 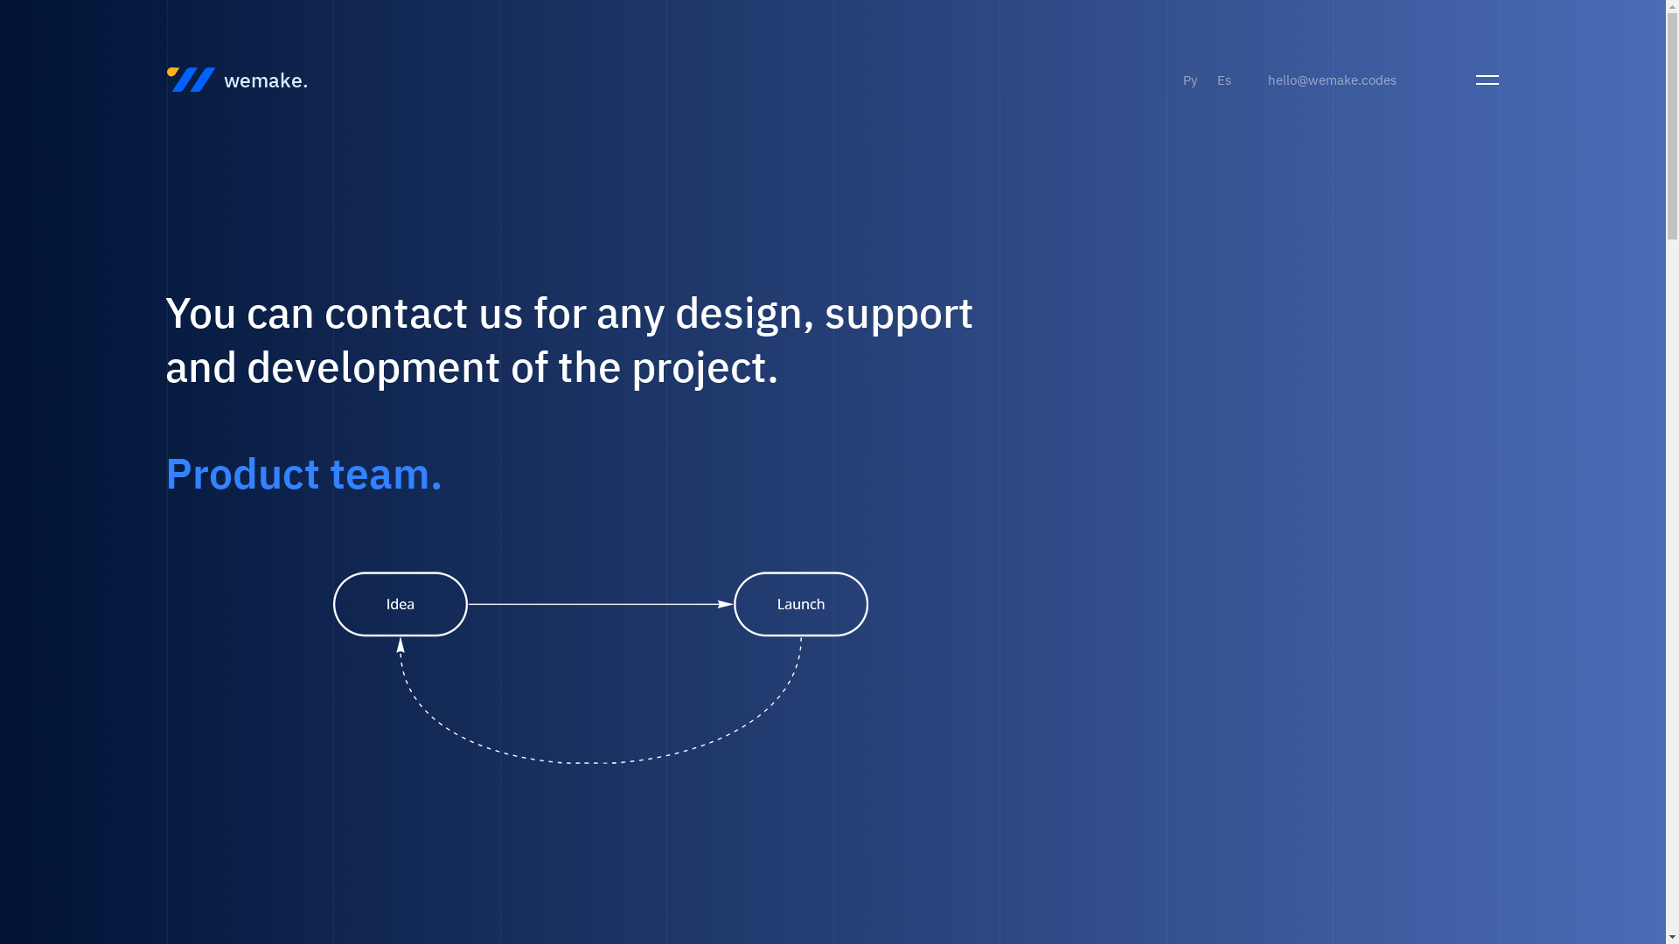 I want to click on 'Es', so click(x=1223, y=80).